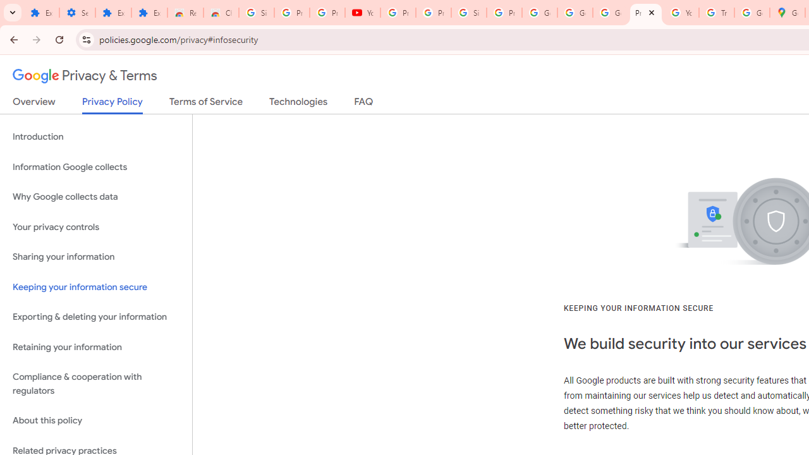 The height and width of the screenshot is (455, 809). Describe the element at coordinates (95, 226) in the screenshot. I see `'Your privacy controls'` at that location.